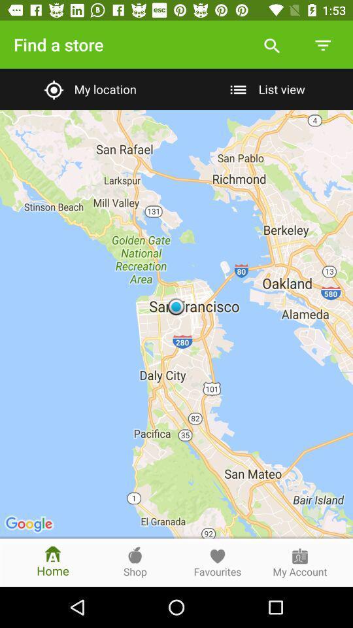 The height and width of the screenshot is (628, 353). What do you see at coordinates (265, 88) in the screenshot?
I see `list view icon` at bounding box center [265, 88].